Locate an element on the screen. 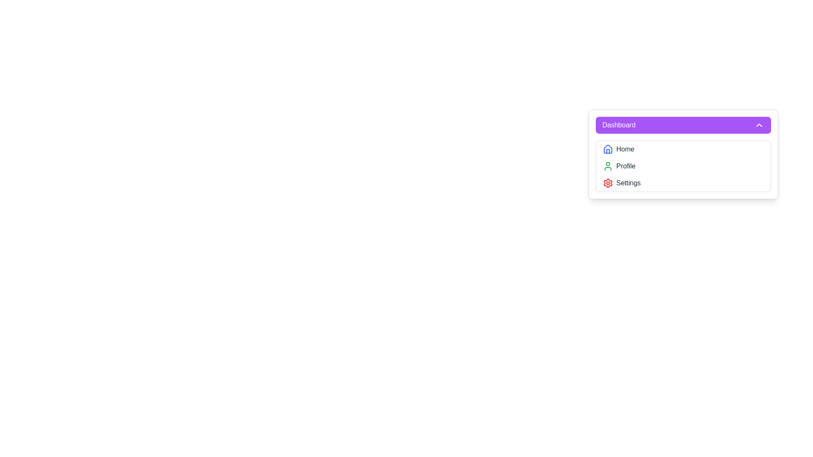 The height and width of the screenshot is (457, 813). the interactive text link for the user profile section, which is the second entry in the vertical dropdown menu, located below the 'Home' option and above the 'Settings' option is located at coordinates (626, 166).